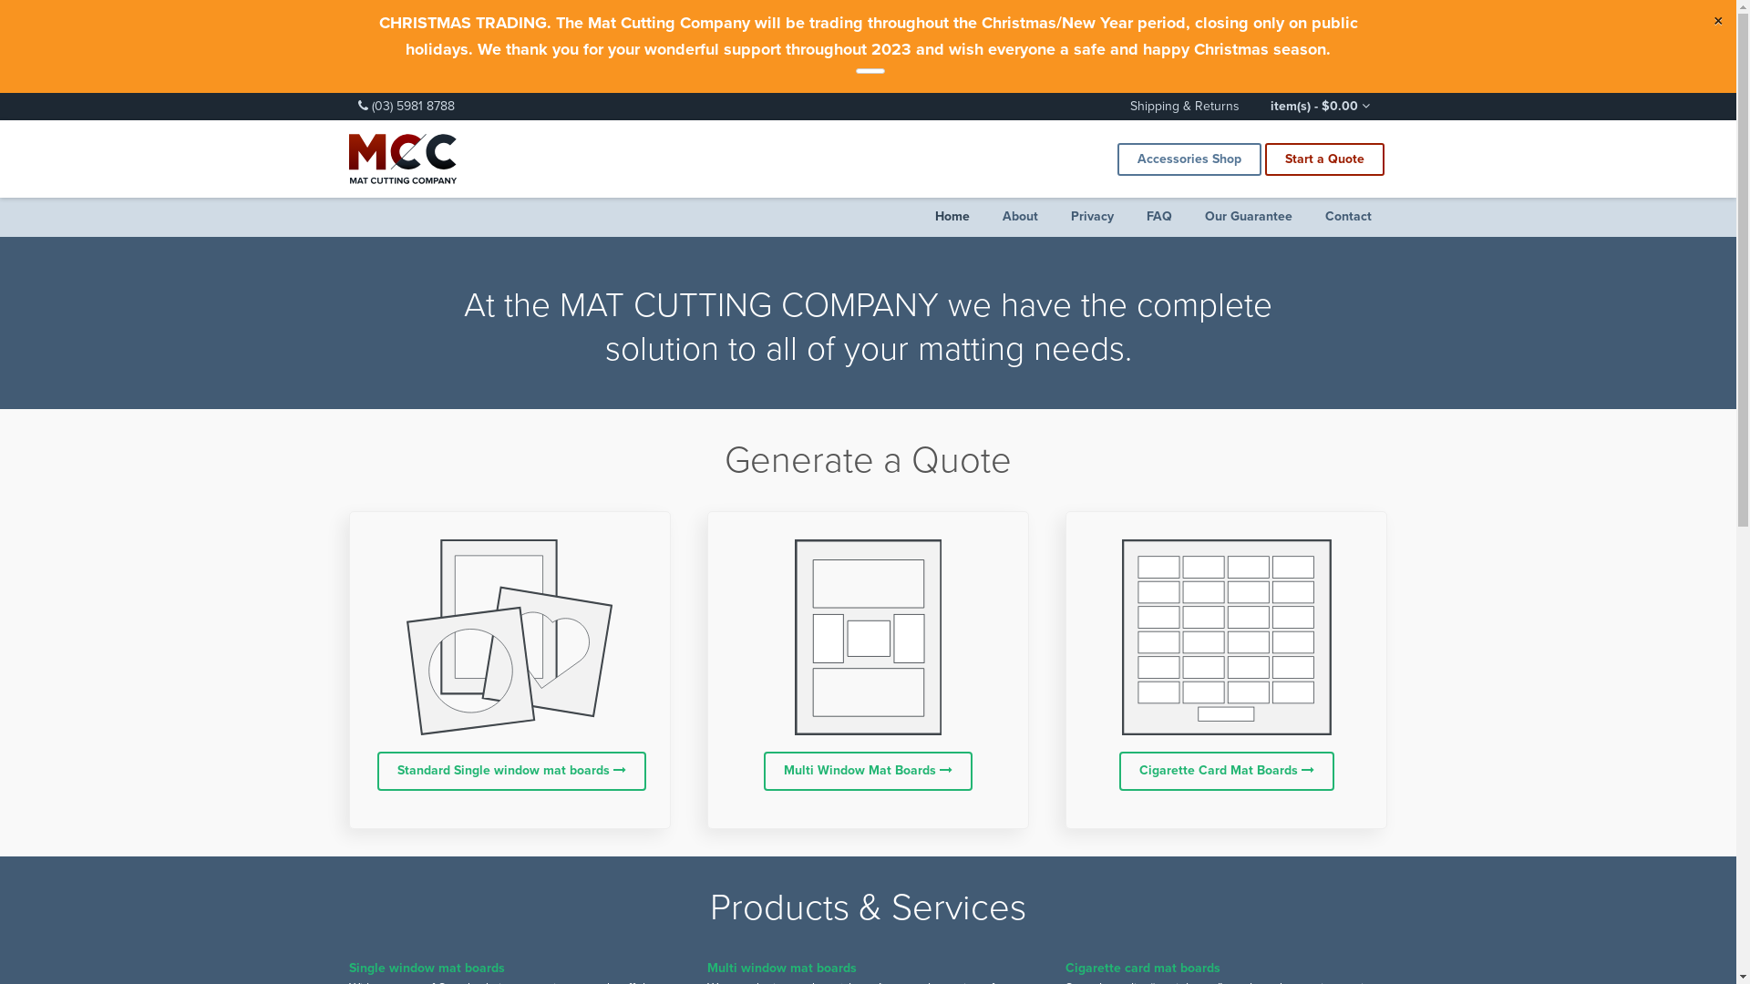 The image size is (1750, 984). Describe the element at coordinates (952, 216) in the screenshot. I see `'Home'` at that location.